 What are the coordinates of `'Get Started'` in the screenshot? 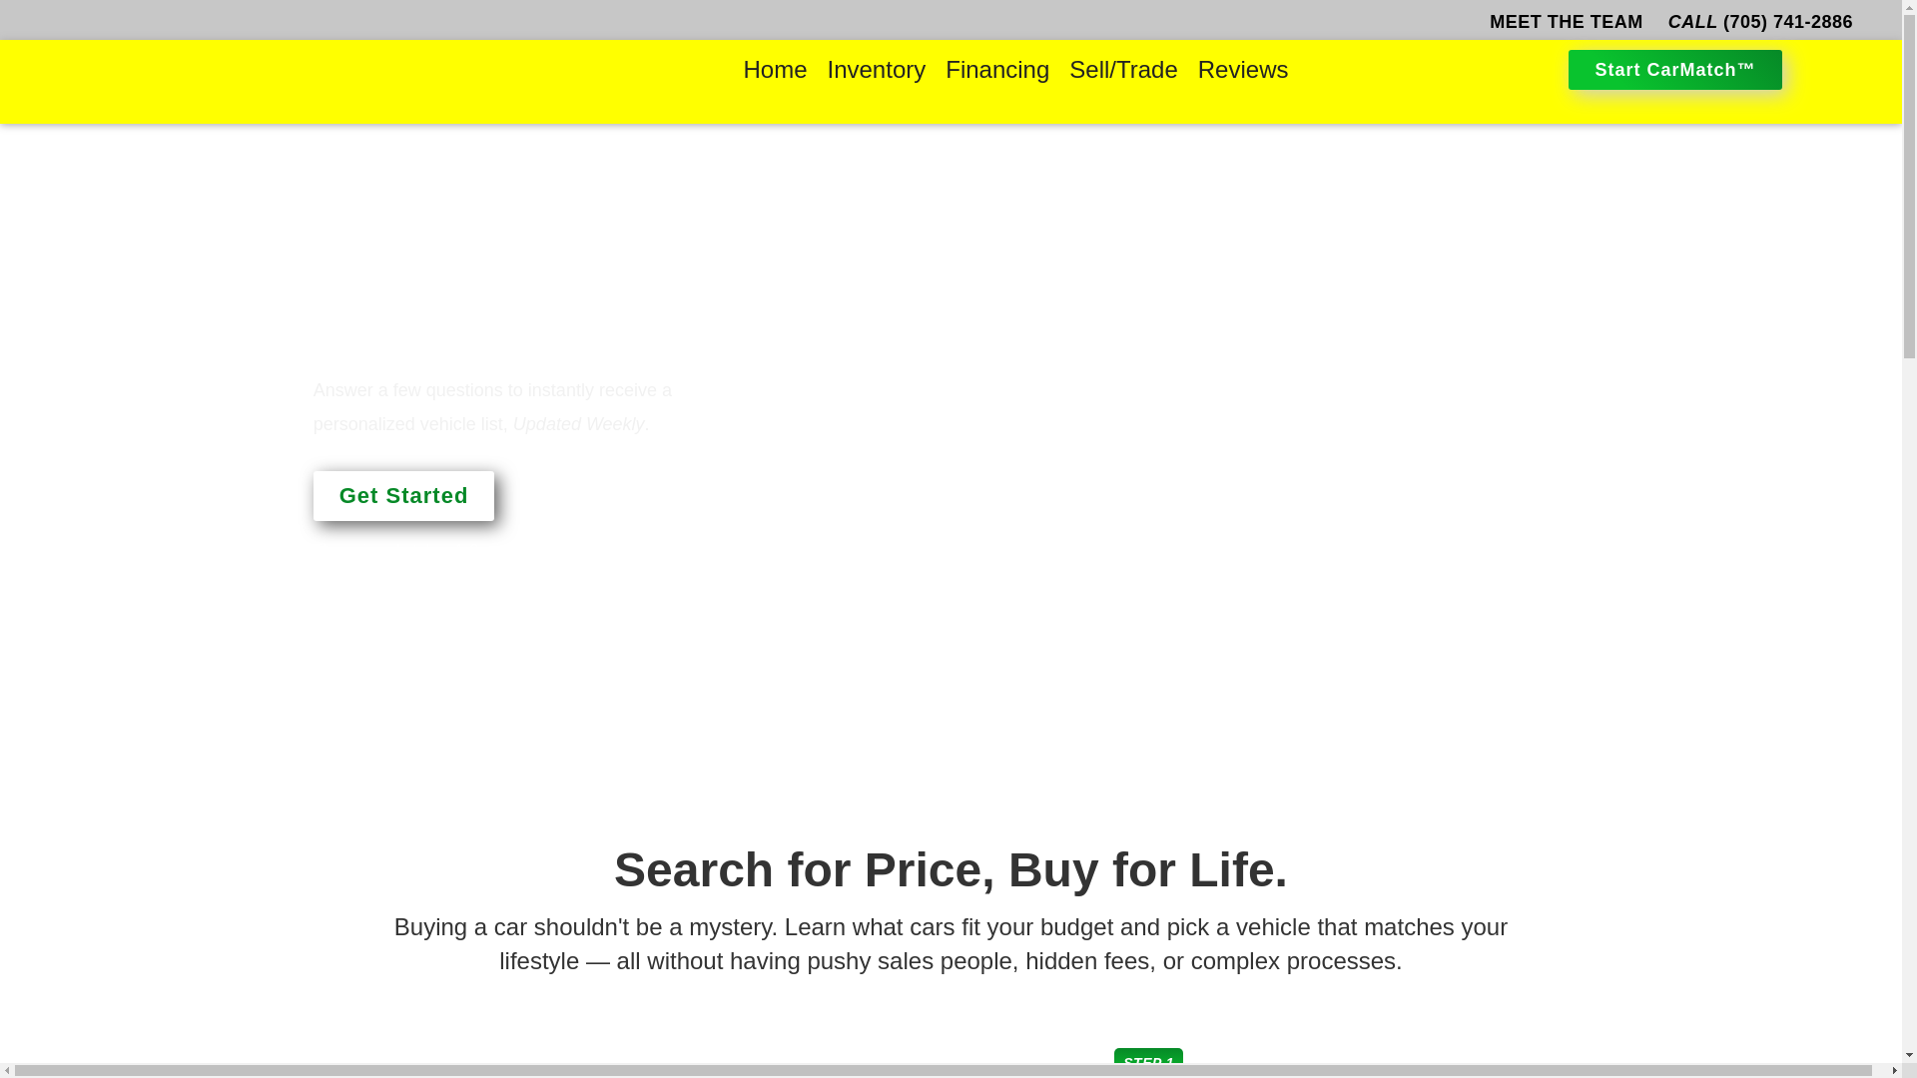 It's located at (402, 495).